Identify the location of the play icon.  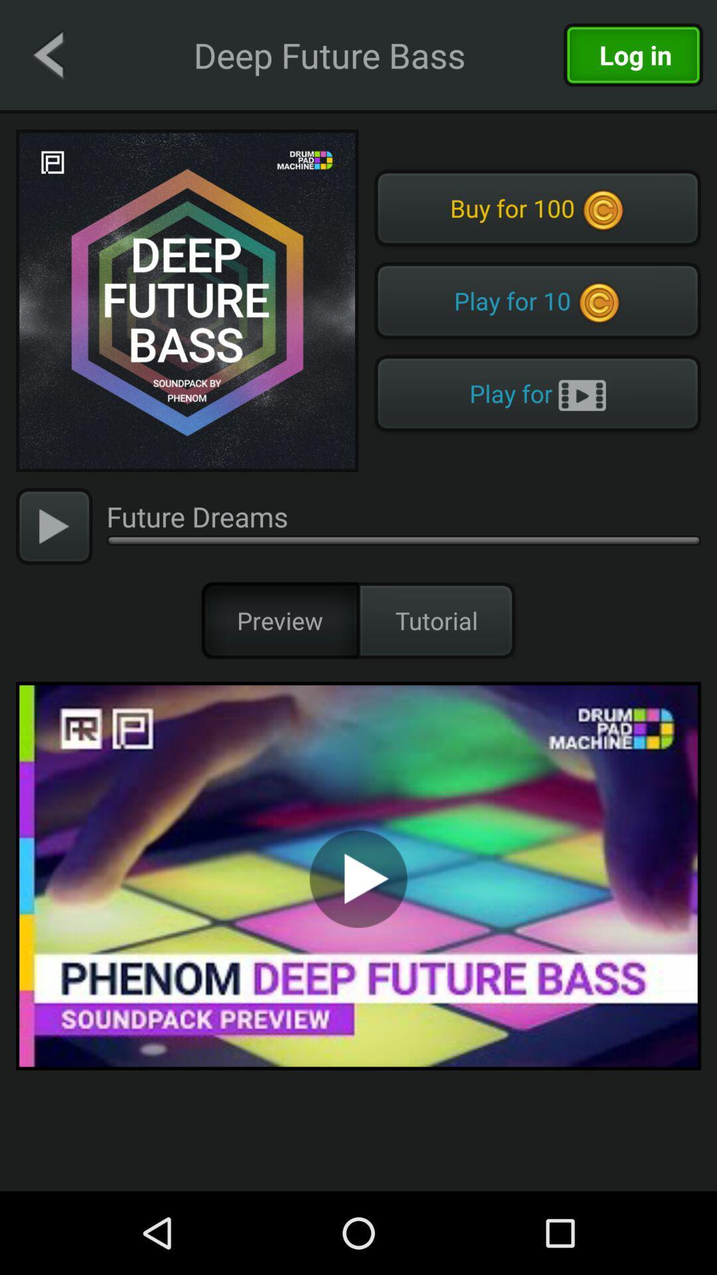
(53, 525).